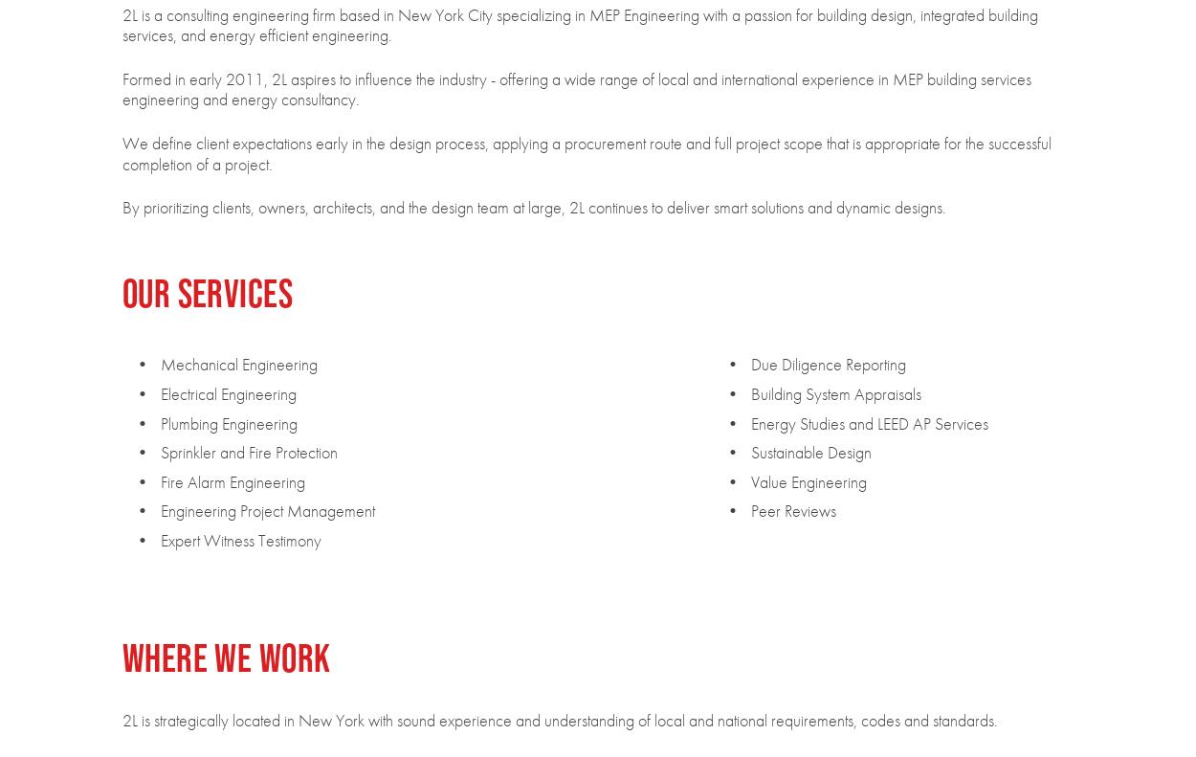  I want to click on 'Plumbing Engineering', so click(227, 422).